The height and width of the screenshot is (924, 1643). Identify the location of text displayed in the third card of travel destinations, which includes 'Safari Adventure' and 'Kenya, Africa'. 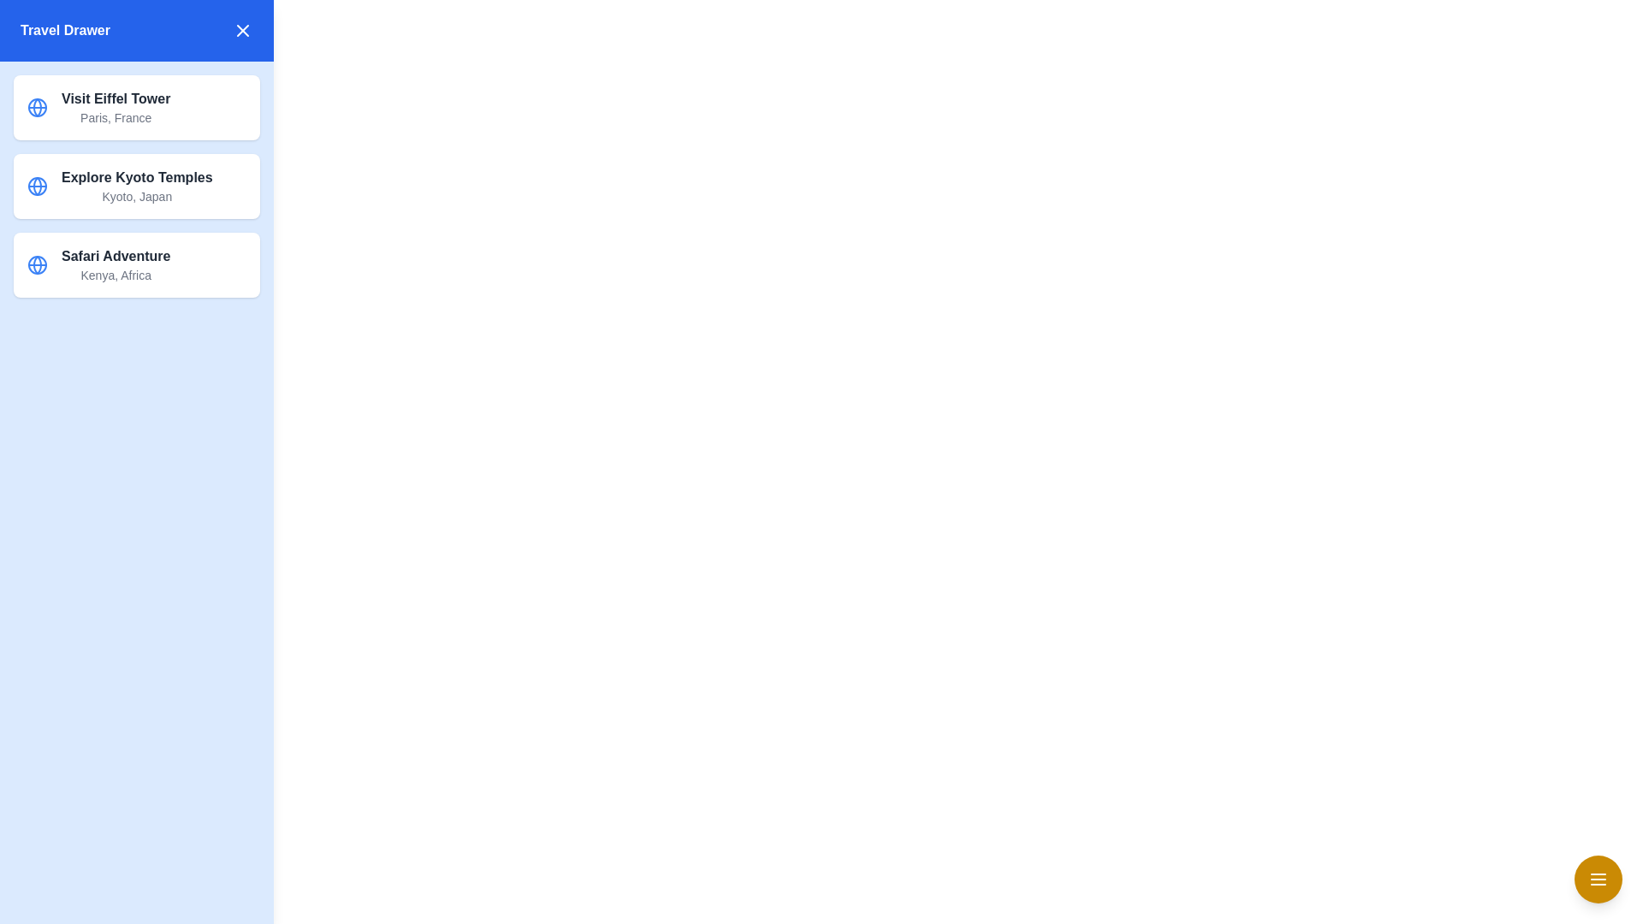
(115, 264).